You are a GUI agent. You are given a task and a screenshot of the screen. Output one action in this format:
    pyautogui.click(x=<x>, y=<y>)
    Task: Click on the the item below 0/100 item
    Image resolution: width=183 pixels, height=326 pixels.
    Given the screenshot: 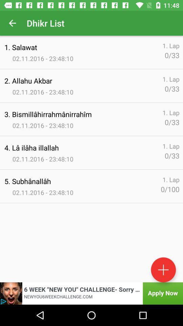 What is the action you would take?
    pyautogui.click(x=163, y=270)
    